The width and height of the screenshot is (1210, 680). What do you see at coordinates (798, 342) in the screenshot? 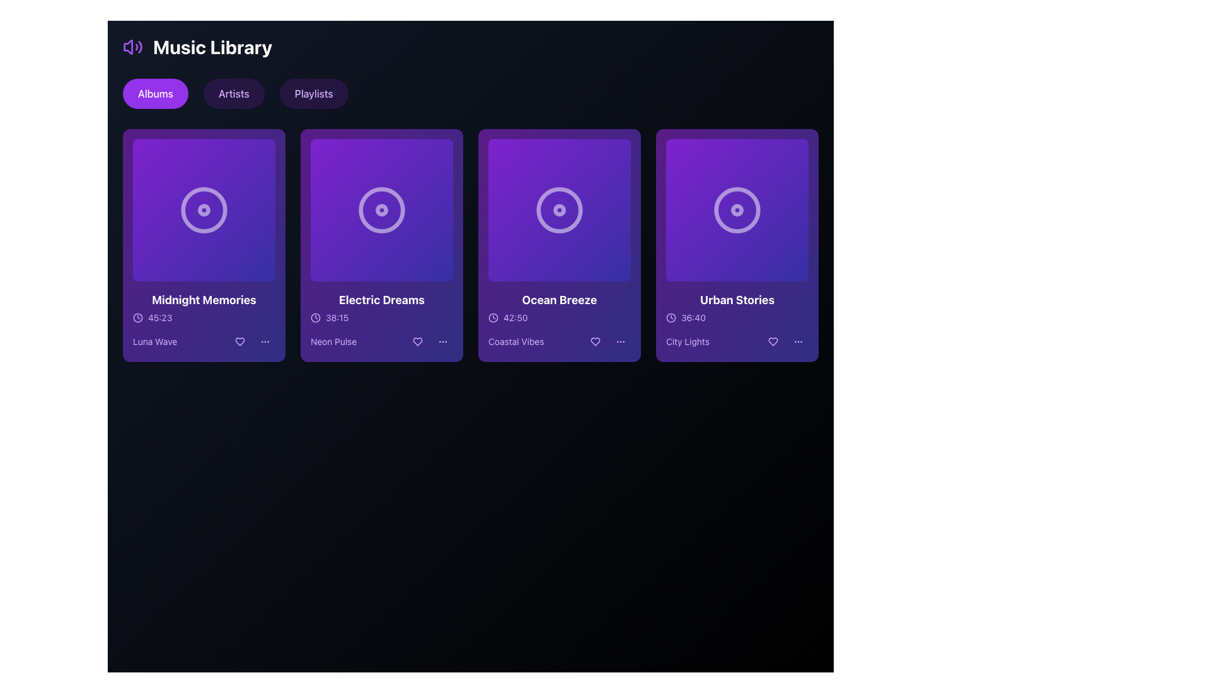
I see `the three-dot icon located at the bottom right corner of the fourth card titled 'Urban Stories'` at bounding box center [798, 342].